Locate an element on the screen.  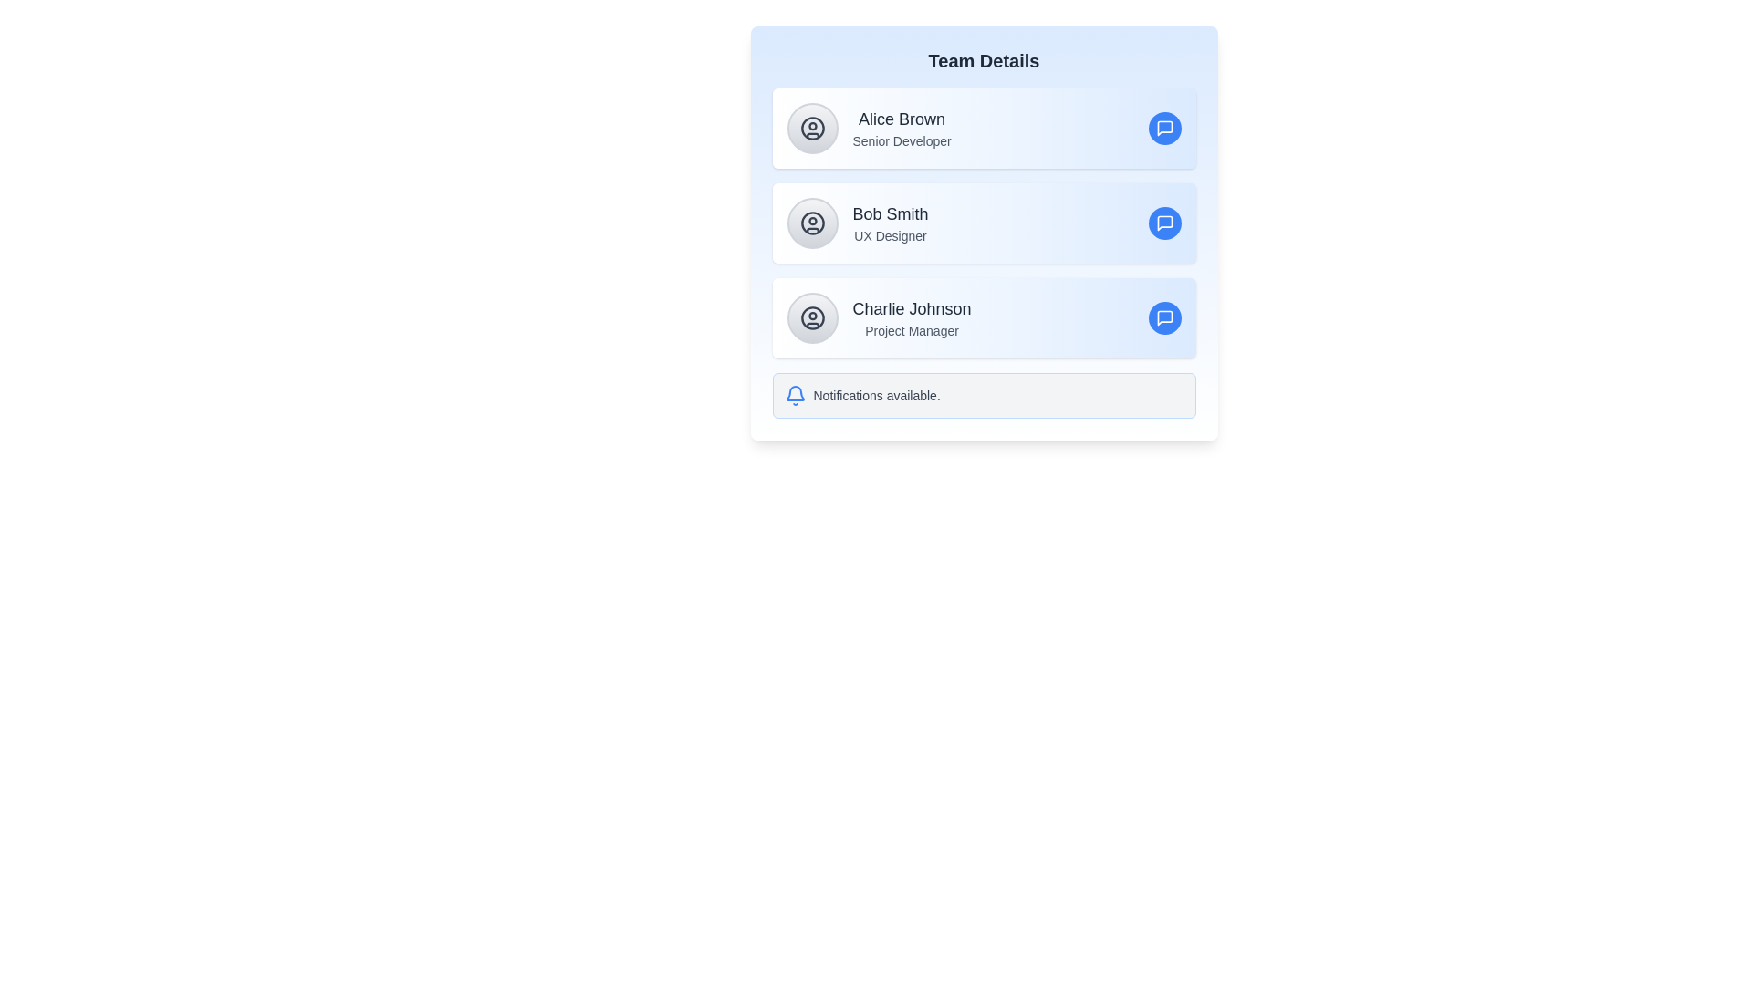
the blue rounded button with a white speech bubble icon associated with 'Charlie Johnson' in the 'Team Details' interface is located at coordinates (1163, 316).